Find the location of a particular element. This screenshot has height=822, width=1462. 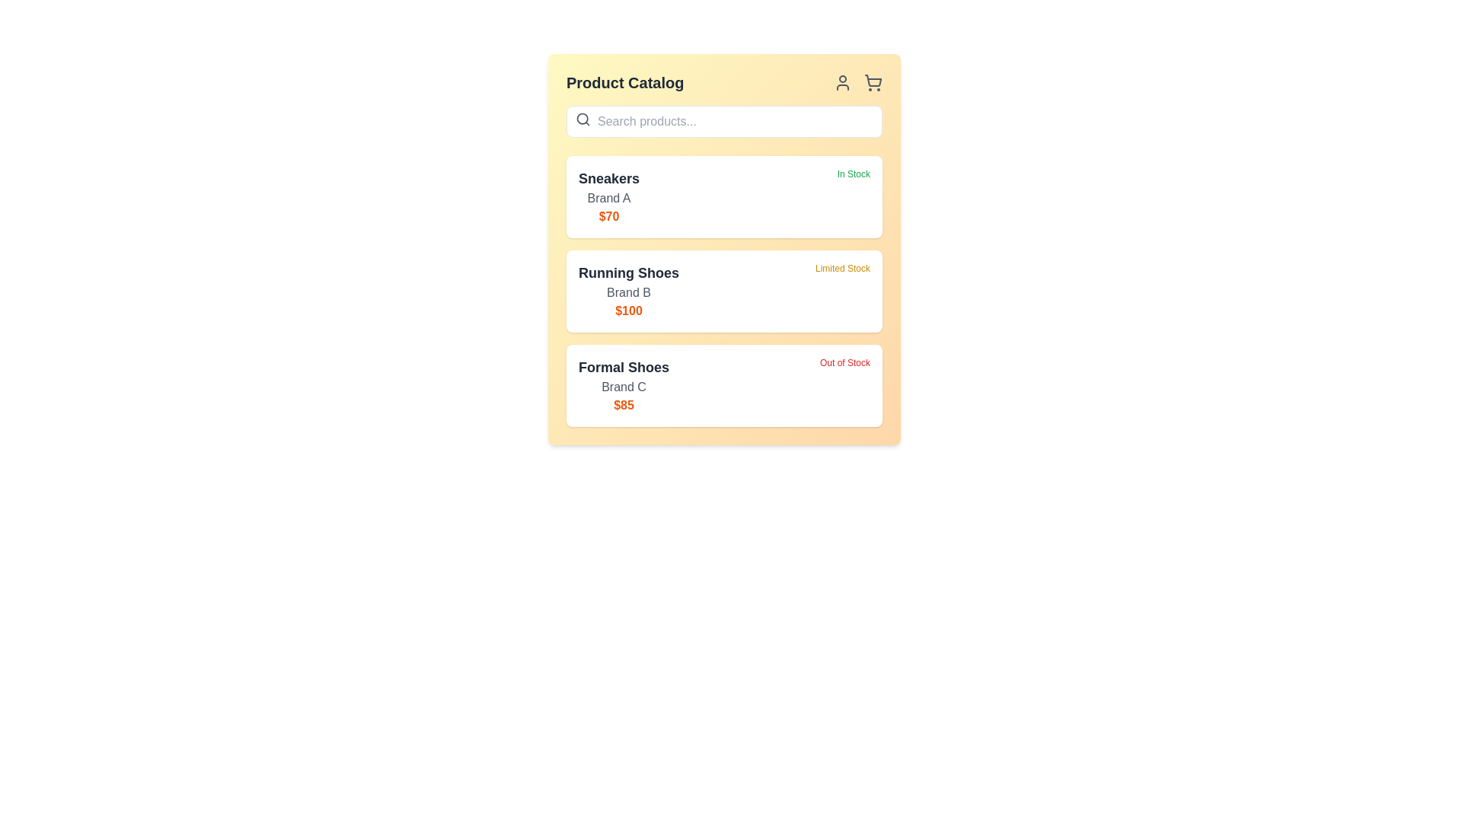

the magnifying glass icon, which is styled as a search symbol and located on the left-hand side of the search text input field is located at coordinates (583, 119).